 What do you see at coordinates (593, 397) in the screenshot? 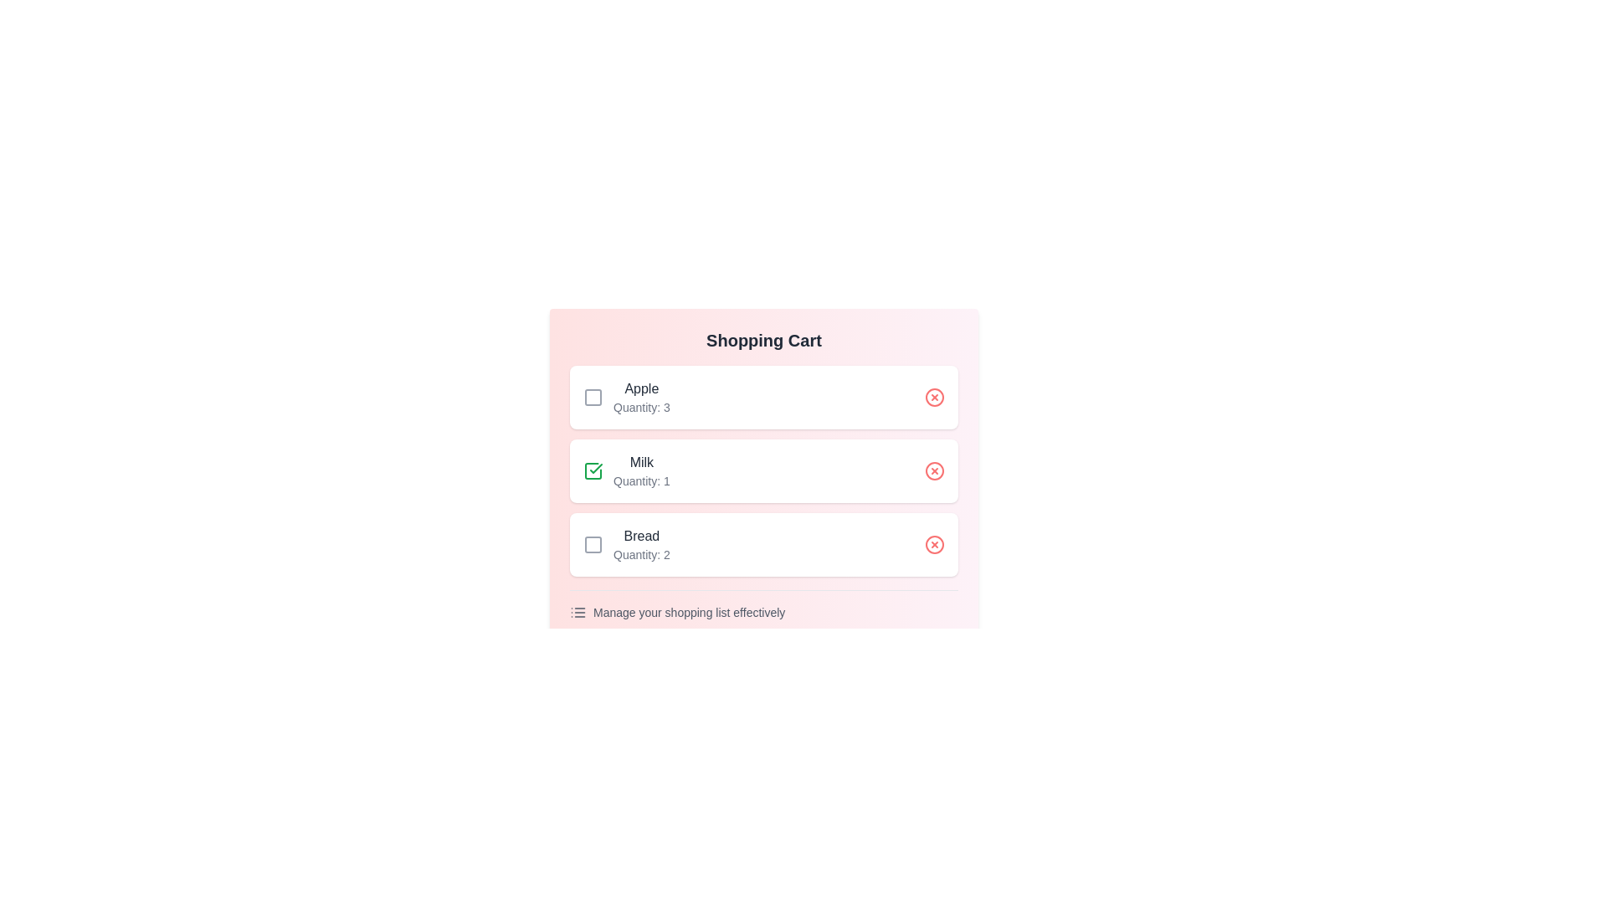
I see `checkbox for the item titled Apple to toggle its bought status` at bounding box center [593, 397].